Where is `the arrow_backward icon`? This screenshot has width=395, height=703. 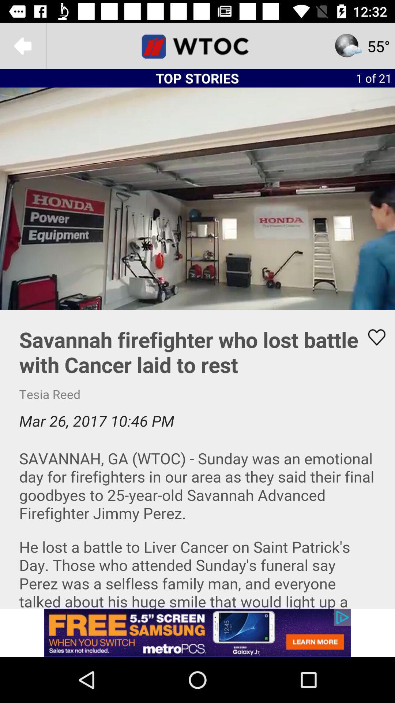
the arrow_backward icon is located at coordinates (22, 45).